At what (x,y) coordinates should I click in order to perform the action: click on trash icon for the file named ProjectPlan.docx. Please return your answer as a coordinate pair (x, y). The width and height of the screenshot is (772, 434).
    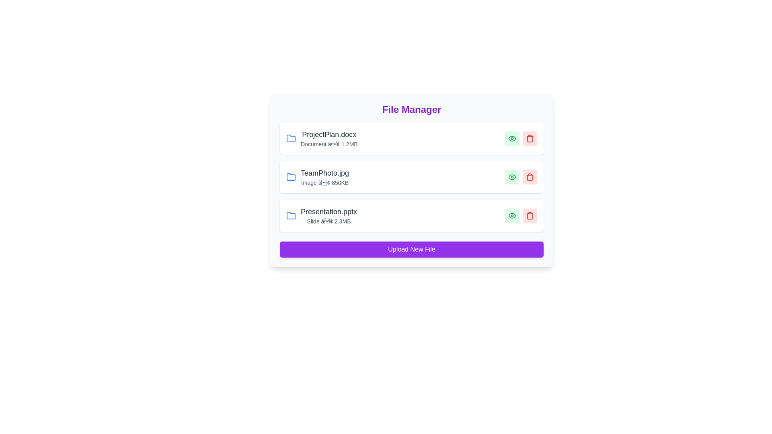
    Looking at the image, I should click on (530, 138).